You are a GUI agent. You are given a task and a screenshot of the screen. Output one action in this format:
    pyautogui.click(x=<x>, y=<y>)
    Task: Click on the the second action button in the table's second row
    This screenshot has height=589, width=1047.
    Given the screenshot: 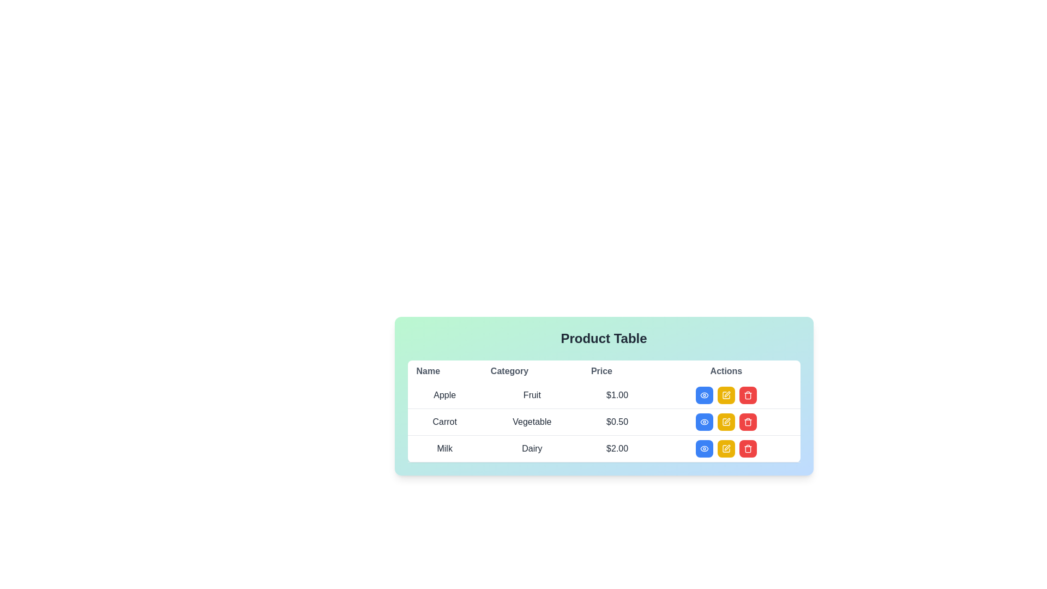 What is the action you would take?
    pyautogui.click(x=726, y=395)
    